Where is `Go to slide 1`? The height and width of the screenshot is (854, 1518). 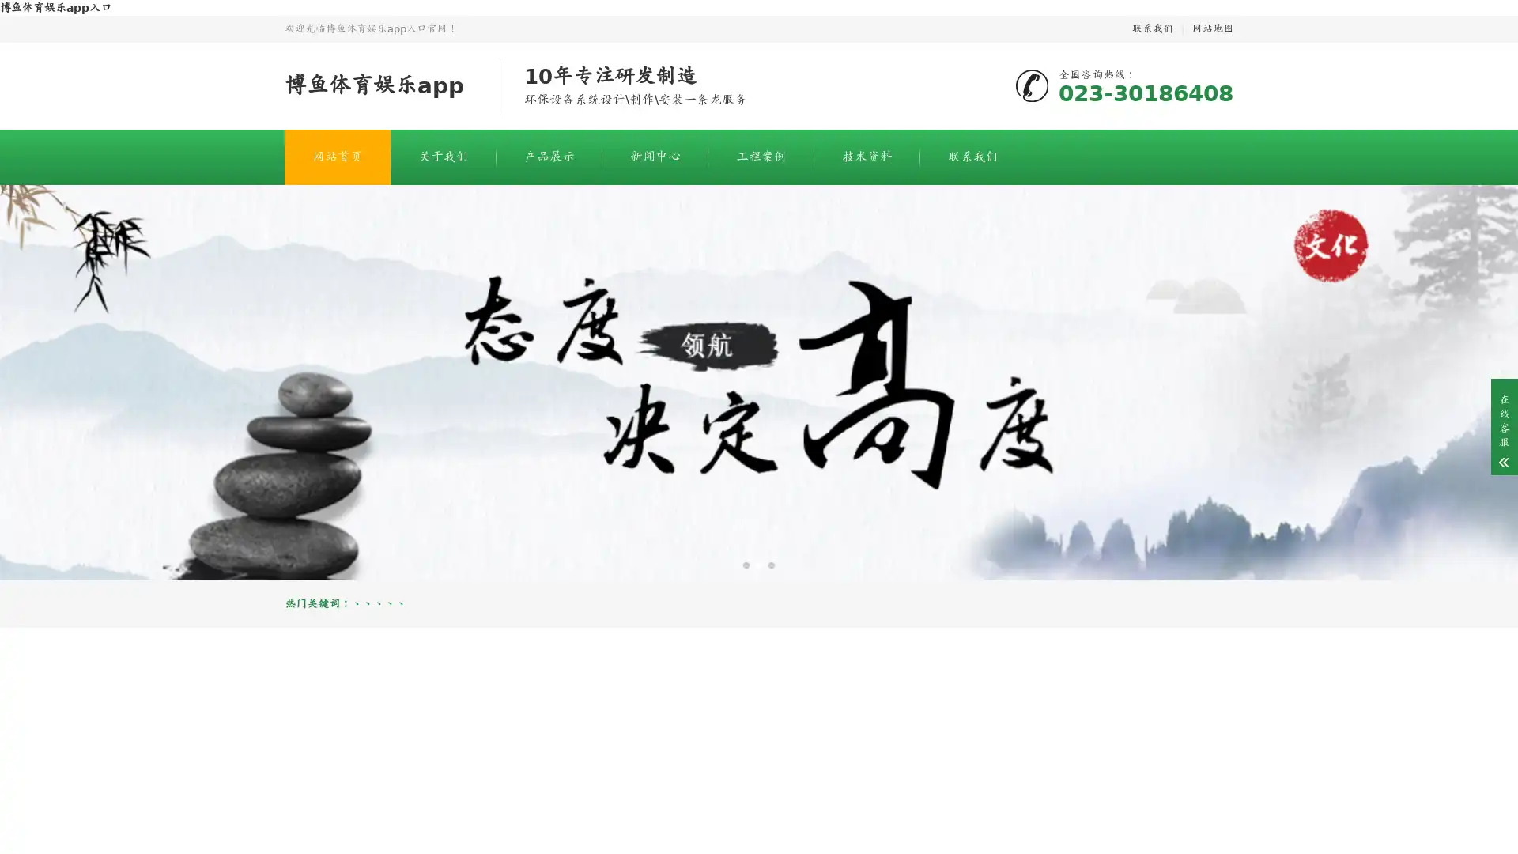 Go to slide 1 is located at coordinates (746, 564).